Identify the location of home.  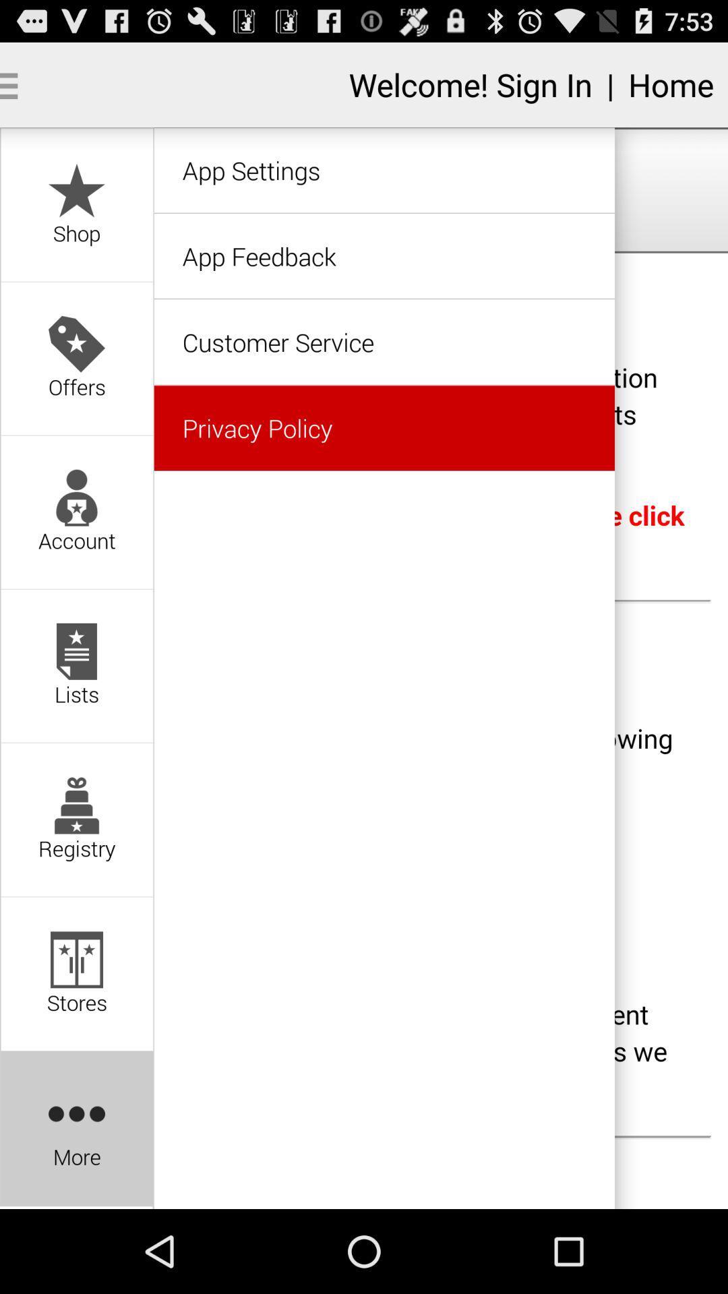
(671, 84).